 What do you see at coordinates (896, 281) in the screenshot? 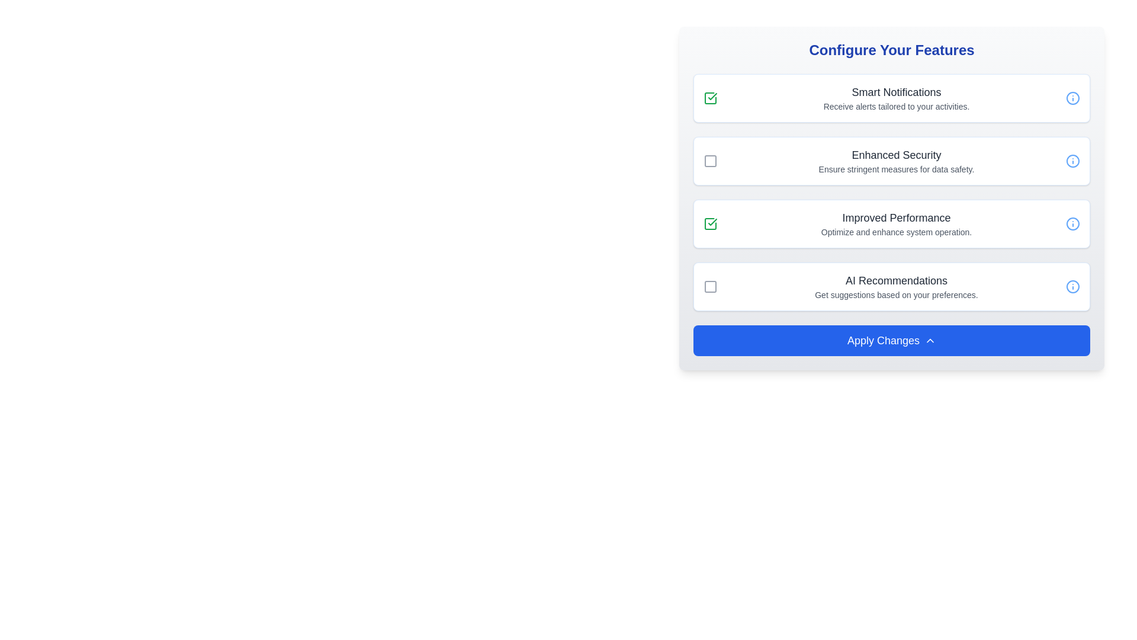
I see `the title text label of the fourth feature option in the 'Configure Your Features' panel, which provides an overview of personalized AI recommendations` at bounding box center [896, 281].